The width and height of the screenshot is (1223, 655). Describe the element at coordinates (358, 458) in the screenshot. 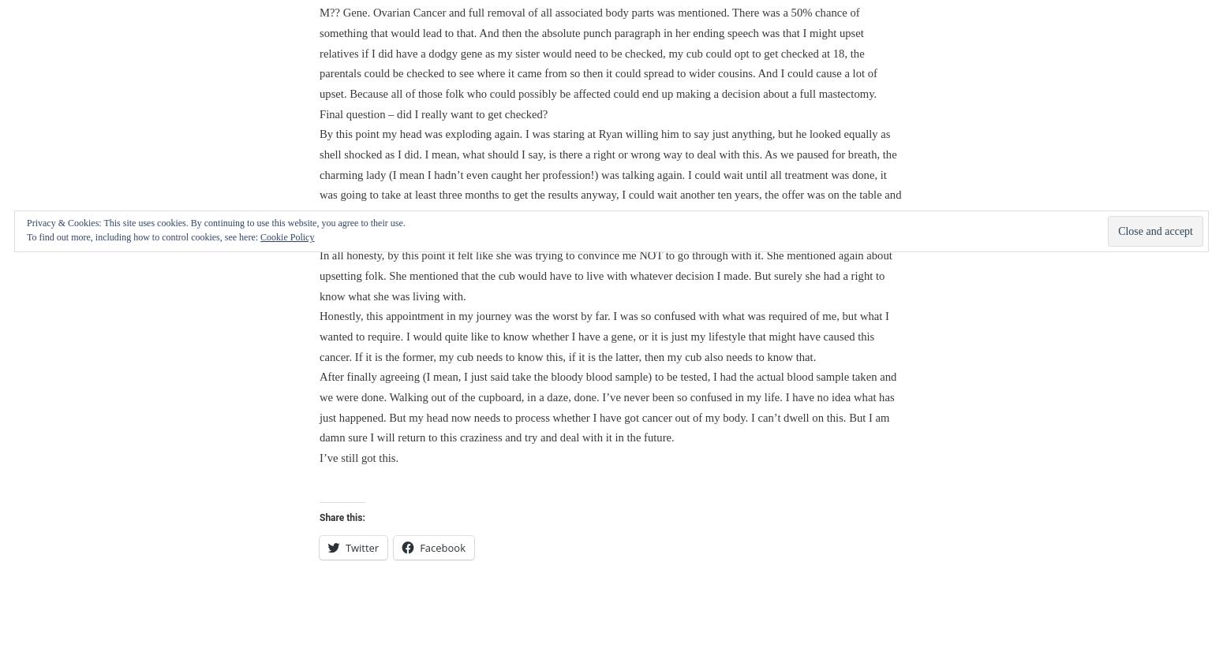

I see `'I’ve still got this.'` at that location.